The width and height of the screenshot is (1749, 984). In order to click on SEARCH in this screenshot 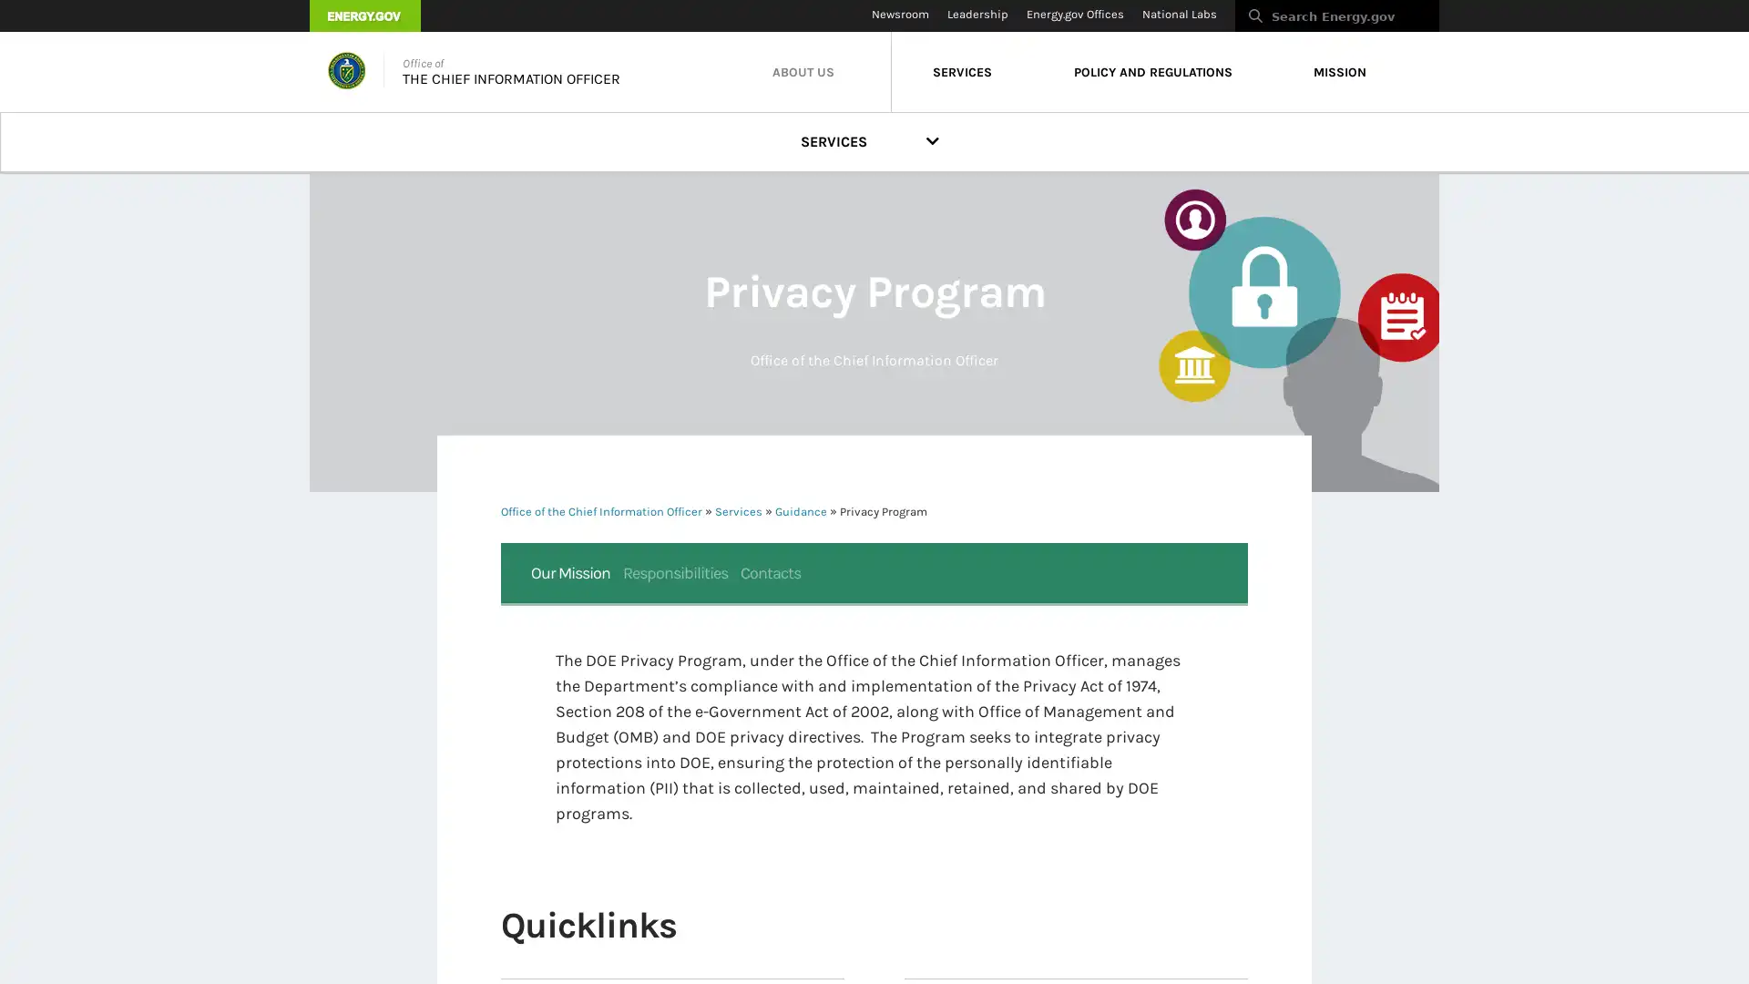, I will do `click(1458, 21)`.